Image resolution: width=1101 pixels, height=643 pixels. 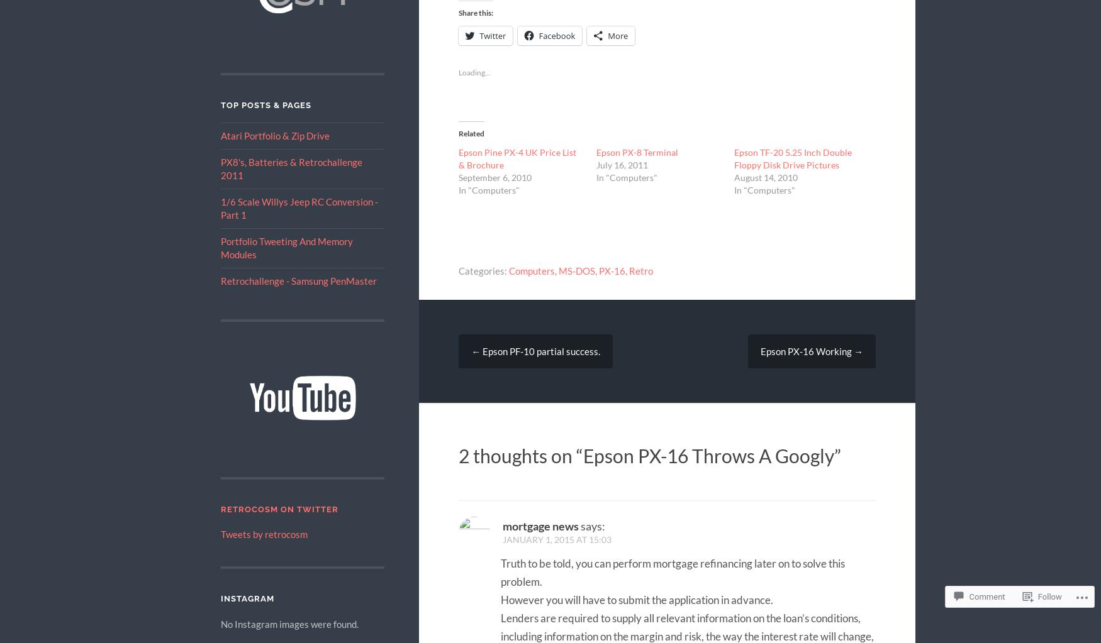 What do you see at coordinates (640, 270) in the screenshot?
I see `'Retro'` at bounding box center [640, 270].